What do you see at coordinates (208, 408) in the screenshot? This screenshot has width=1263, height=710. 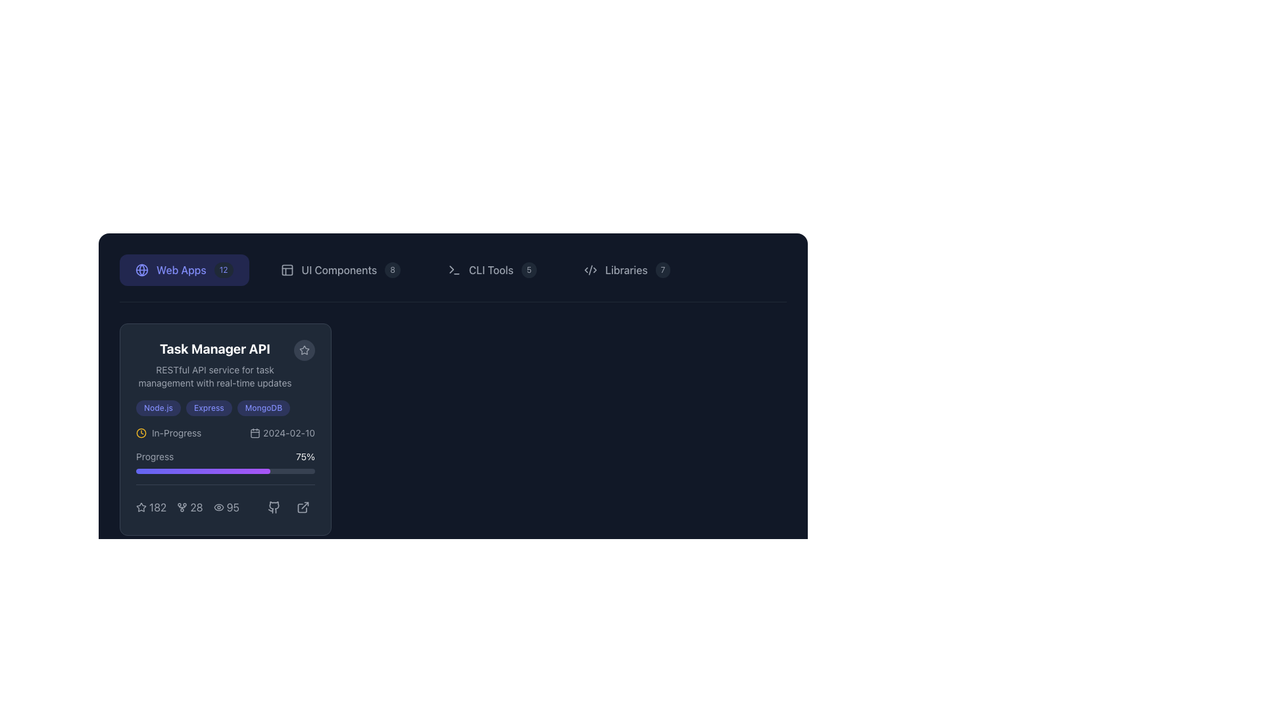 I see `'Express' label, which is the second tag in a horizontal series of three located near the top-middle of the 'Task Manager API' card` at bounding box center [208, 408].